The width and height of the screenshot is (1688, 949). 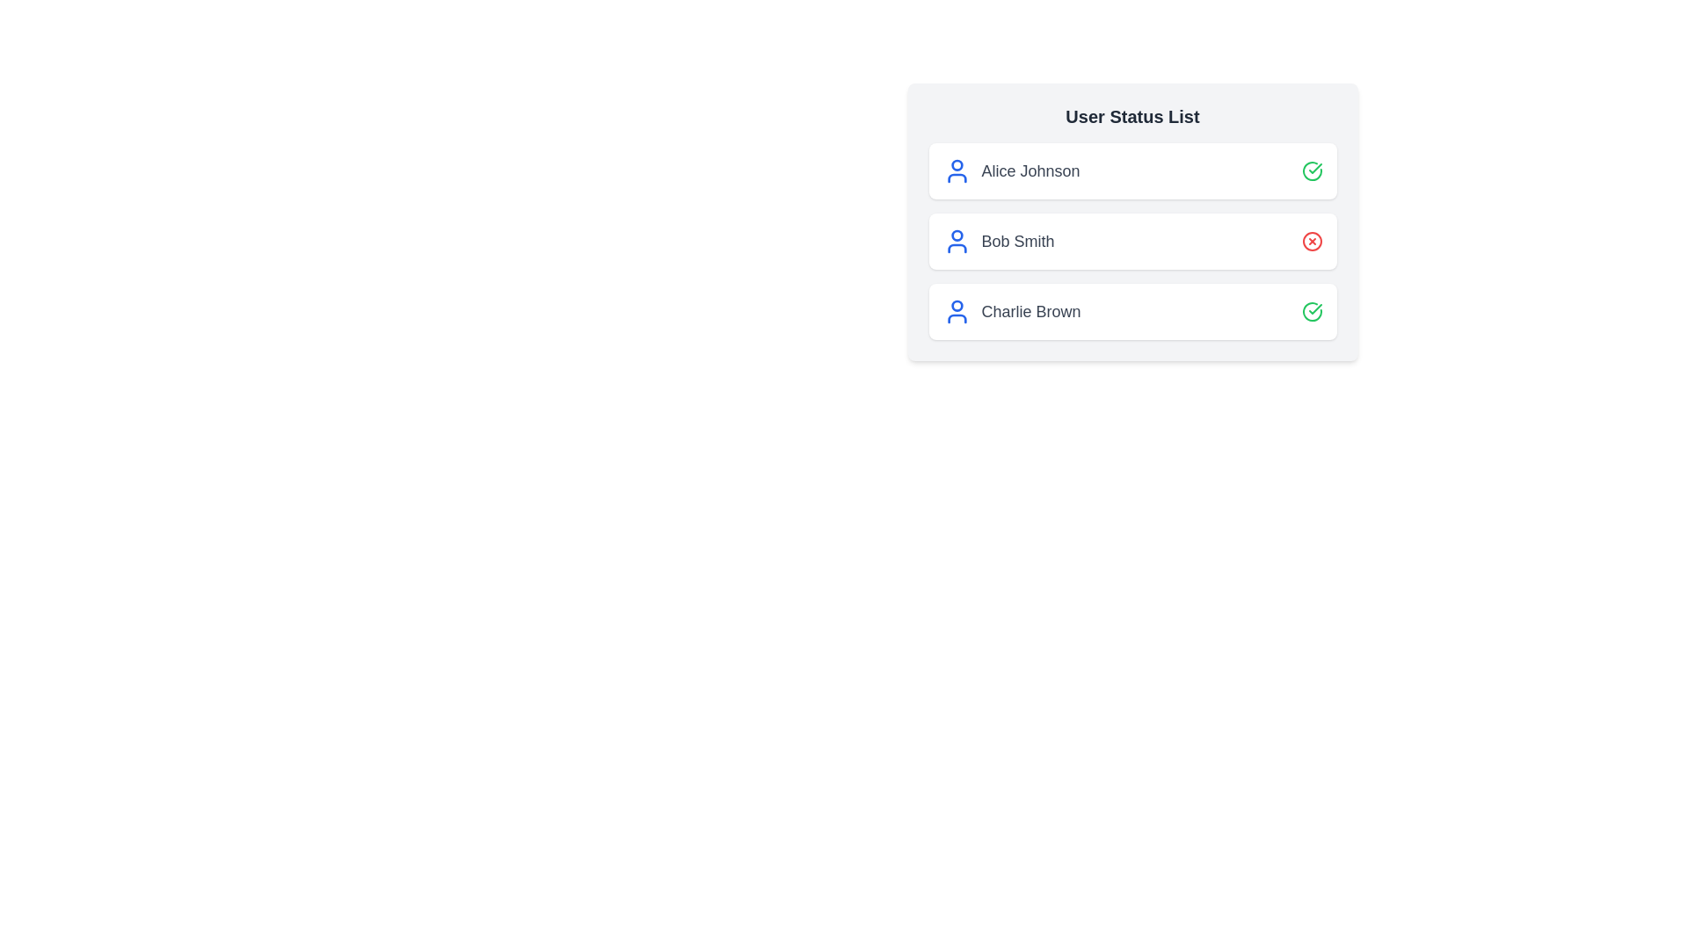 I want to click on the status icon for Charlie Brown, so click(x=1312, y=310).